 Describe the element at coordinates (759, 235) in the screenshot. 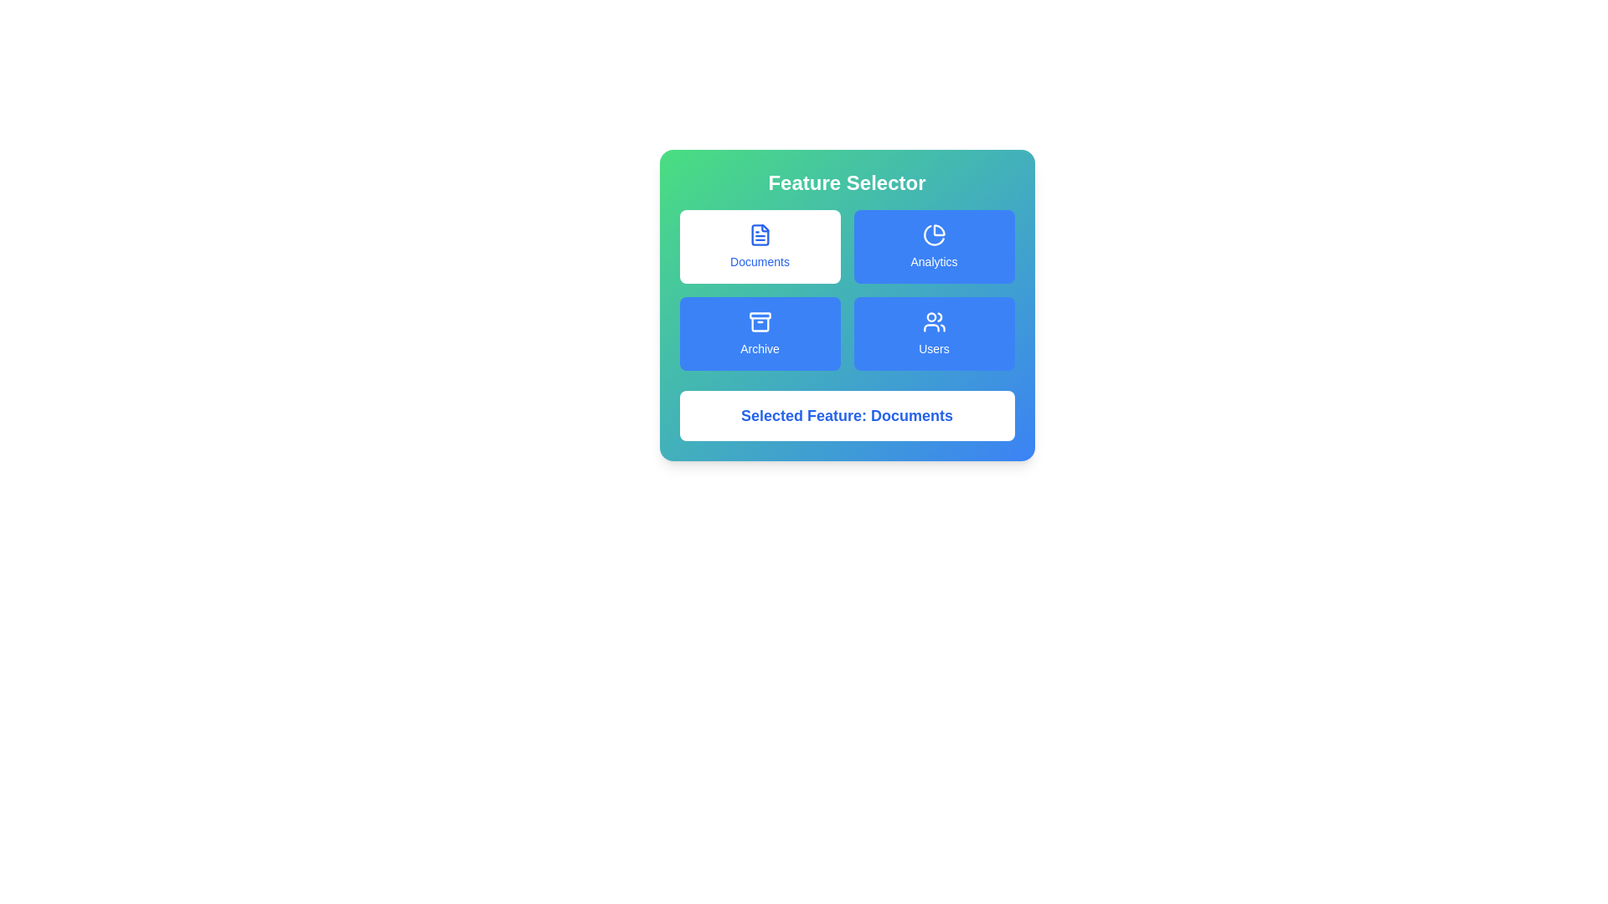

I see `the minimalistic line-art file icon located in the 'Documents' button at the top-left of the grouped buttons` at that location.